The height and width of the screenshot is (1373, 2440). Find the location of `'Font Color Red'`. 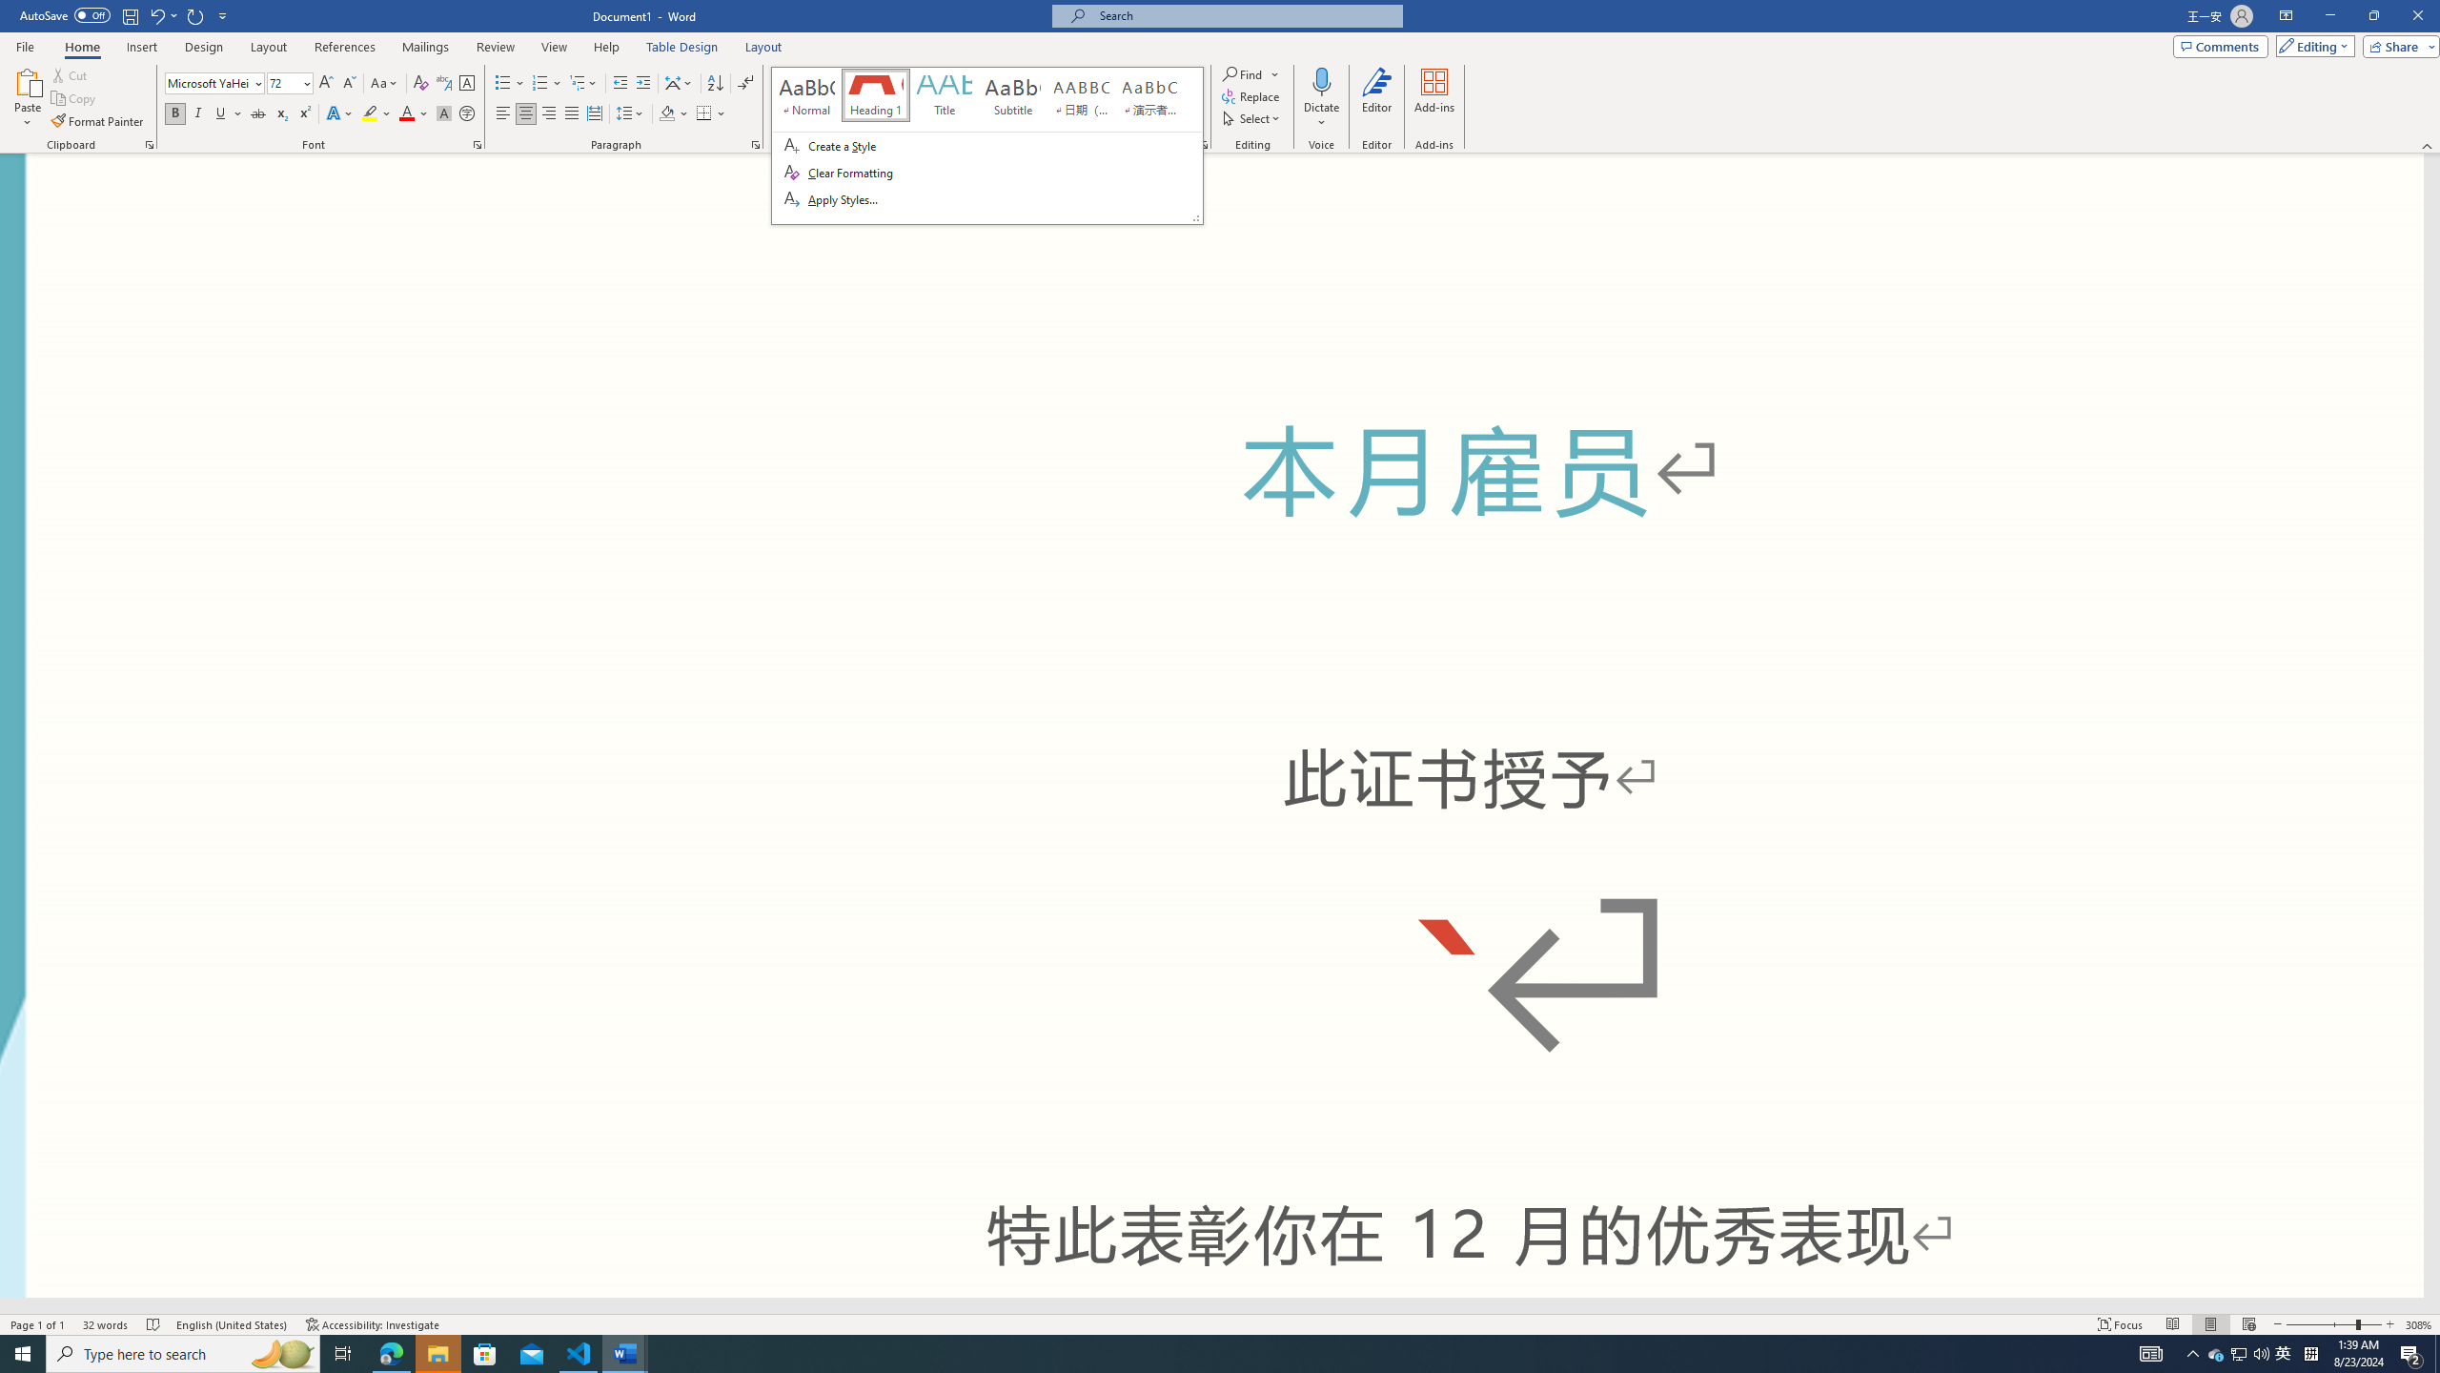

'Font Color Red' is located at coordinates (405, 113).